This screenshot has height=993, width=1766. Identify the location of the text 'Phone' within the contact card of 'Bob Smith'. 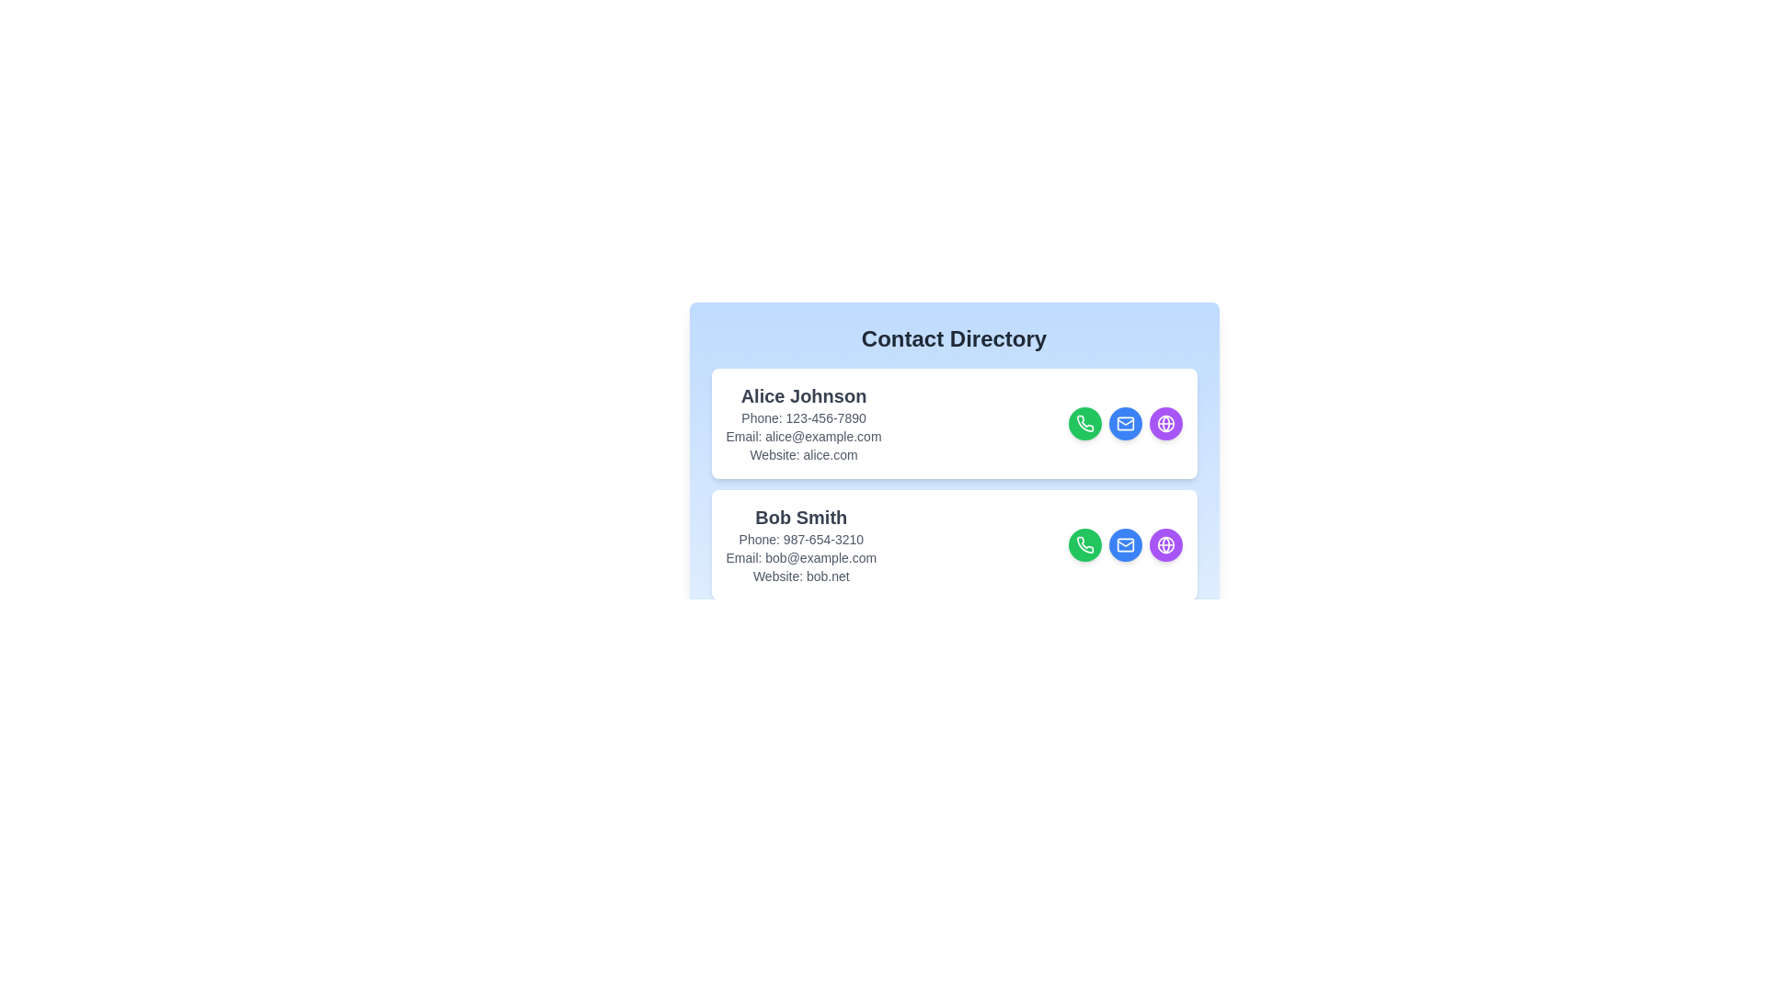
(800, 538).